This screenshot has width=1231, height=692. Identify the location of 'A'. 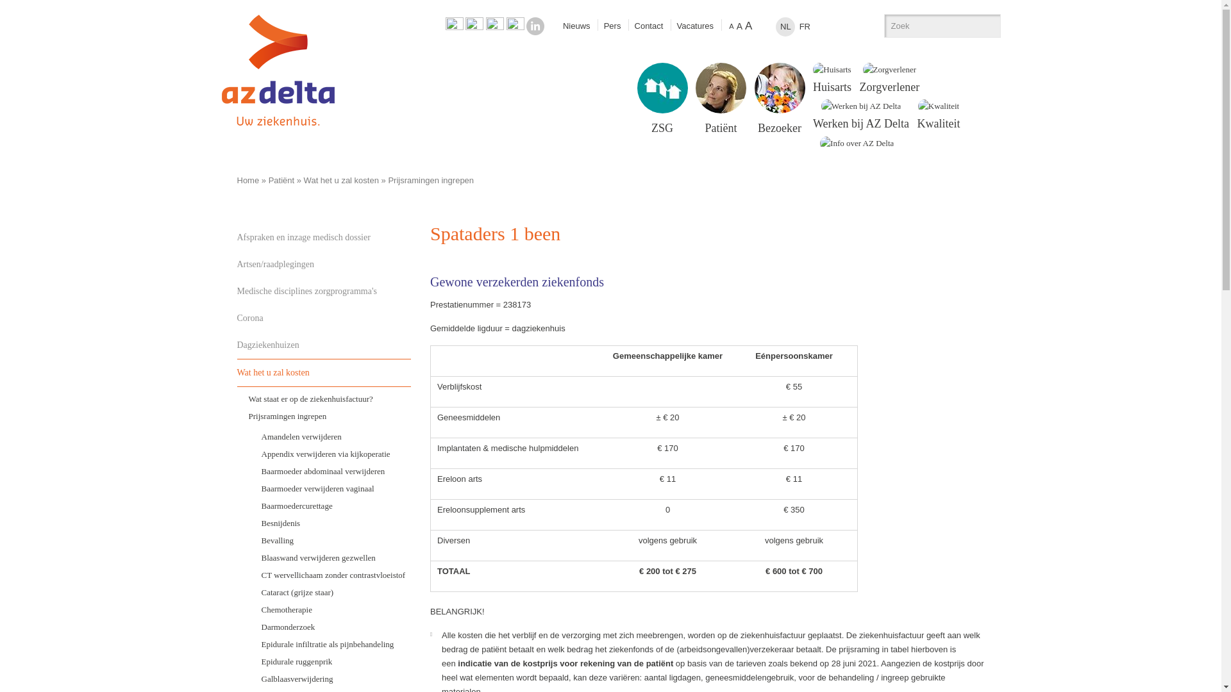
(727, 26).